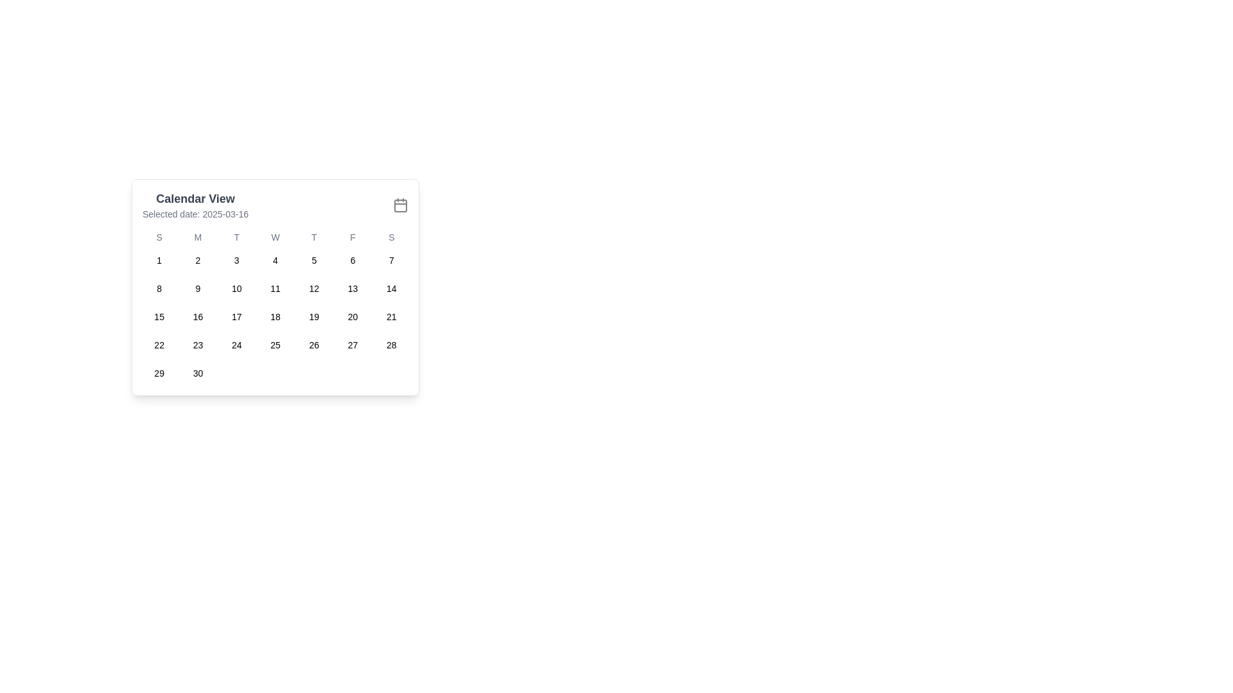 The image size is (1233, 693). What do you see at coordinates (159, 237) in the screenshot?
I see `the header label for Sunday, which is the first element in the sequence of week day initials in the top-left corner of the calendar grid` at bounding box center [159, 237].